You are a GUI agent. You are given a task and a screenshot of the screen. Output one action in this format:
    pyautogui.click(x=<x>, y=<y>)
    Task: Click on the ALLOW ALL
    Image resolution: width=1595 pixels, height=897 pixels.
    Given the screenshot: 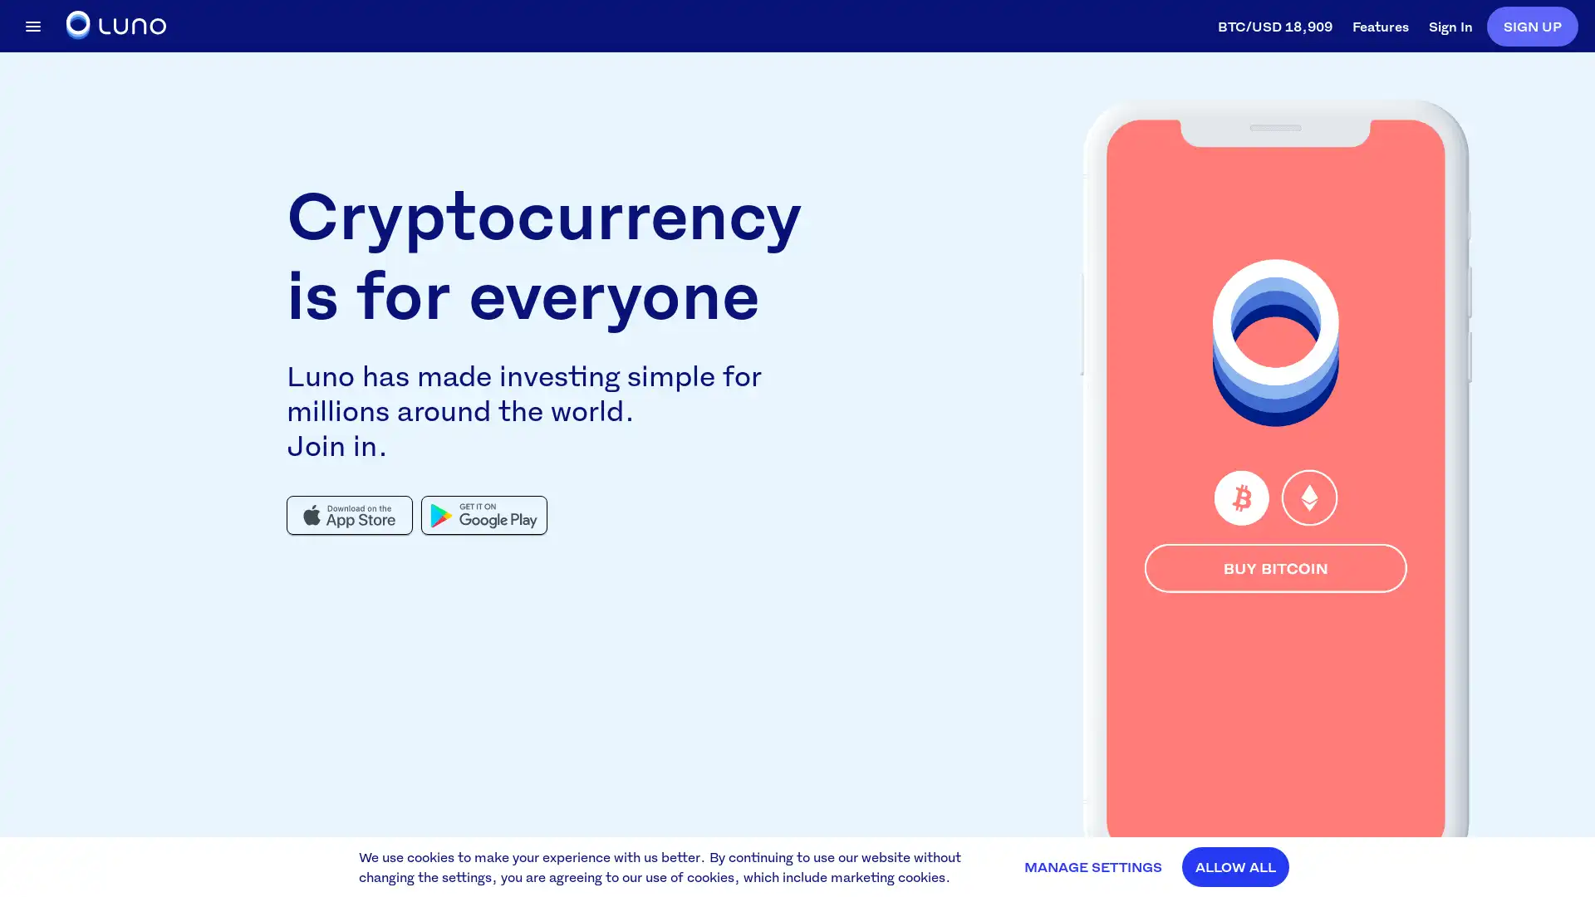 What is the action you would take?
    pyautogui.click(x=1235, y=866)
    